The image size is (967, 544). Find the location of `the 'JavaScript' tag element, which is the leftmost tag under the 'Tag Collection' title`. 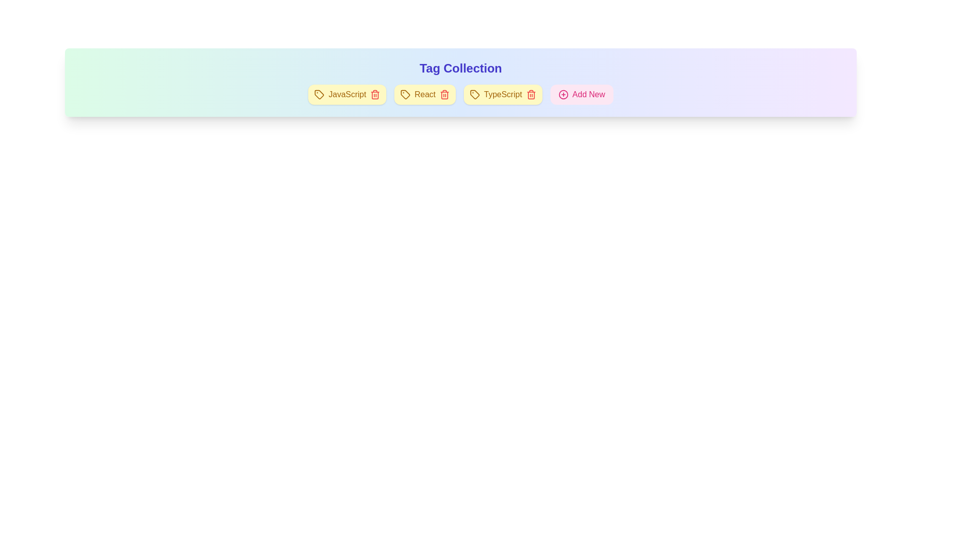

the 'JavaScript' tag element, which is the leftmost tag under the 'Tag Collection' title is located at coordinates (347, 95).